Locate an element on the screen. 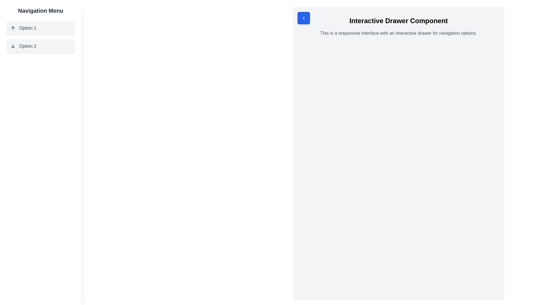  the arrow icon that represents the expandable option for 'Option 2' in the navigation menu is located at coordinates (13, 46).